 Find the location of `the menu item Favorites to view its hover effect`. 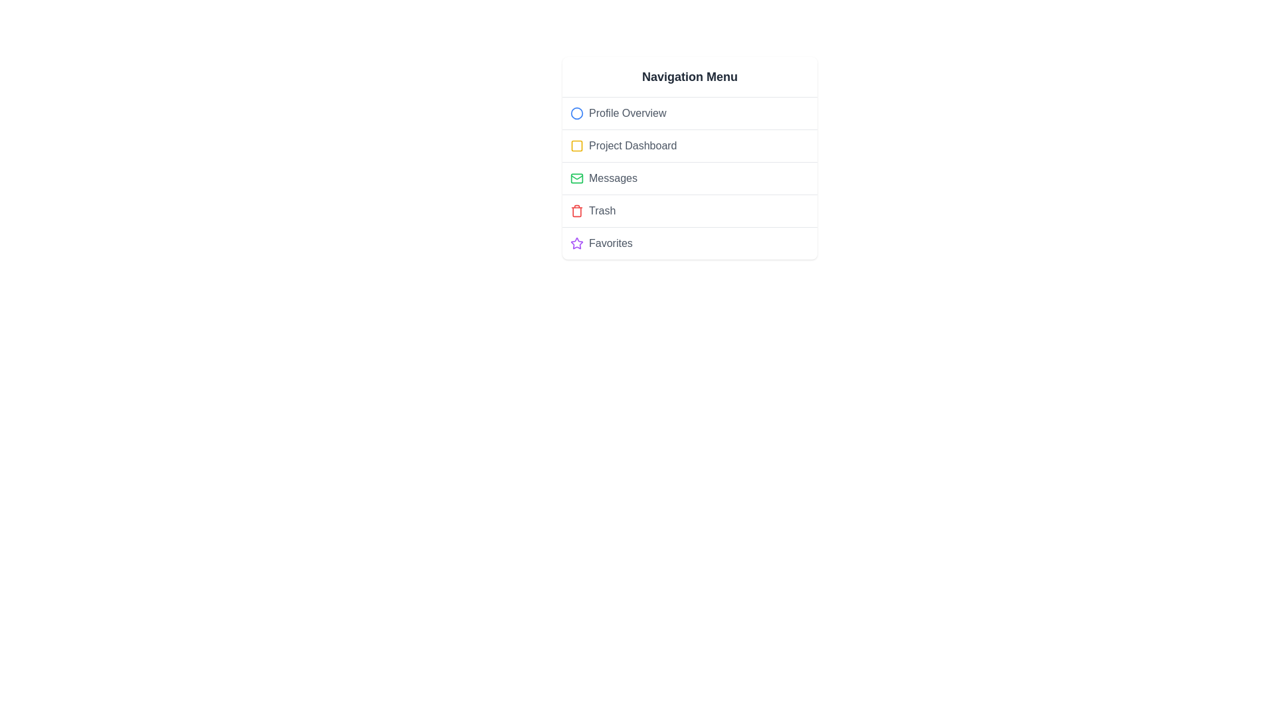

the menu item Favorites to view its hover effect is located at coordinates (689, 243).